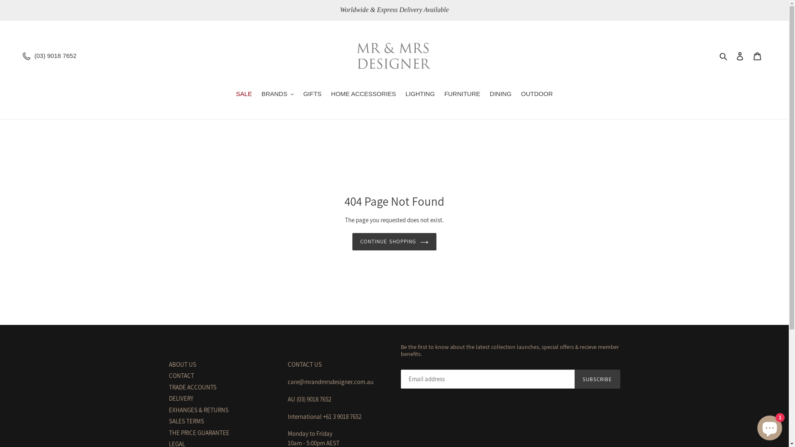  I want to click on 'BRANDS', so click(256, 94).